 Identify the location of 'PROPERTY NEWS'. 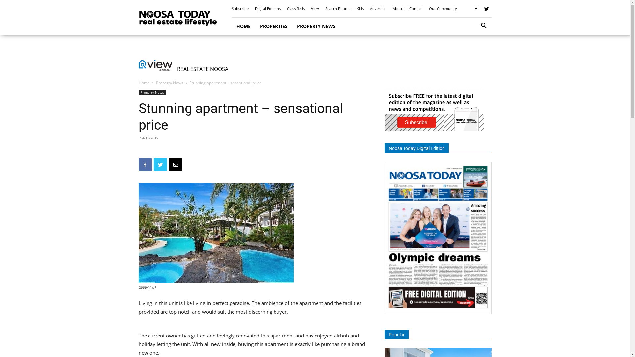
(316, 26).